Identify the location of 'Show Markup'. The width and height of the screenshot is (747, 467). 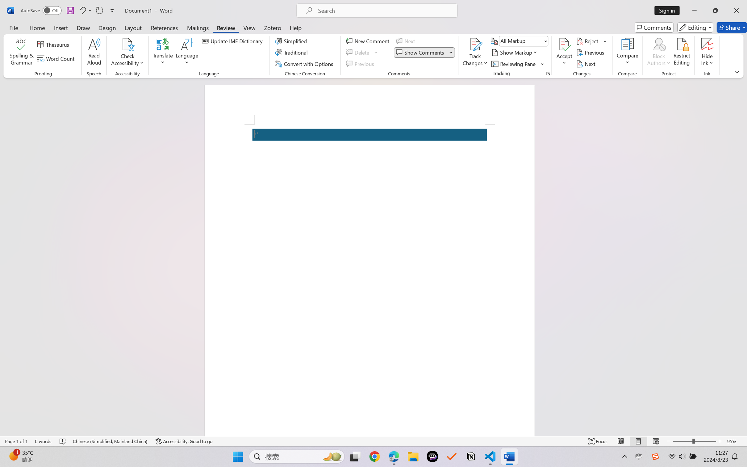
(515, 53).